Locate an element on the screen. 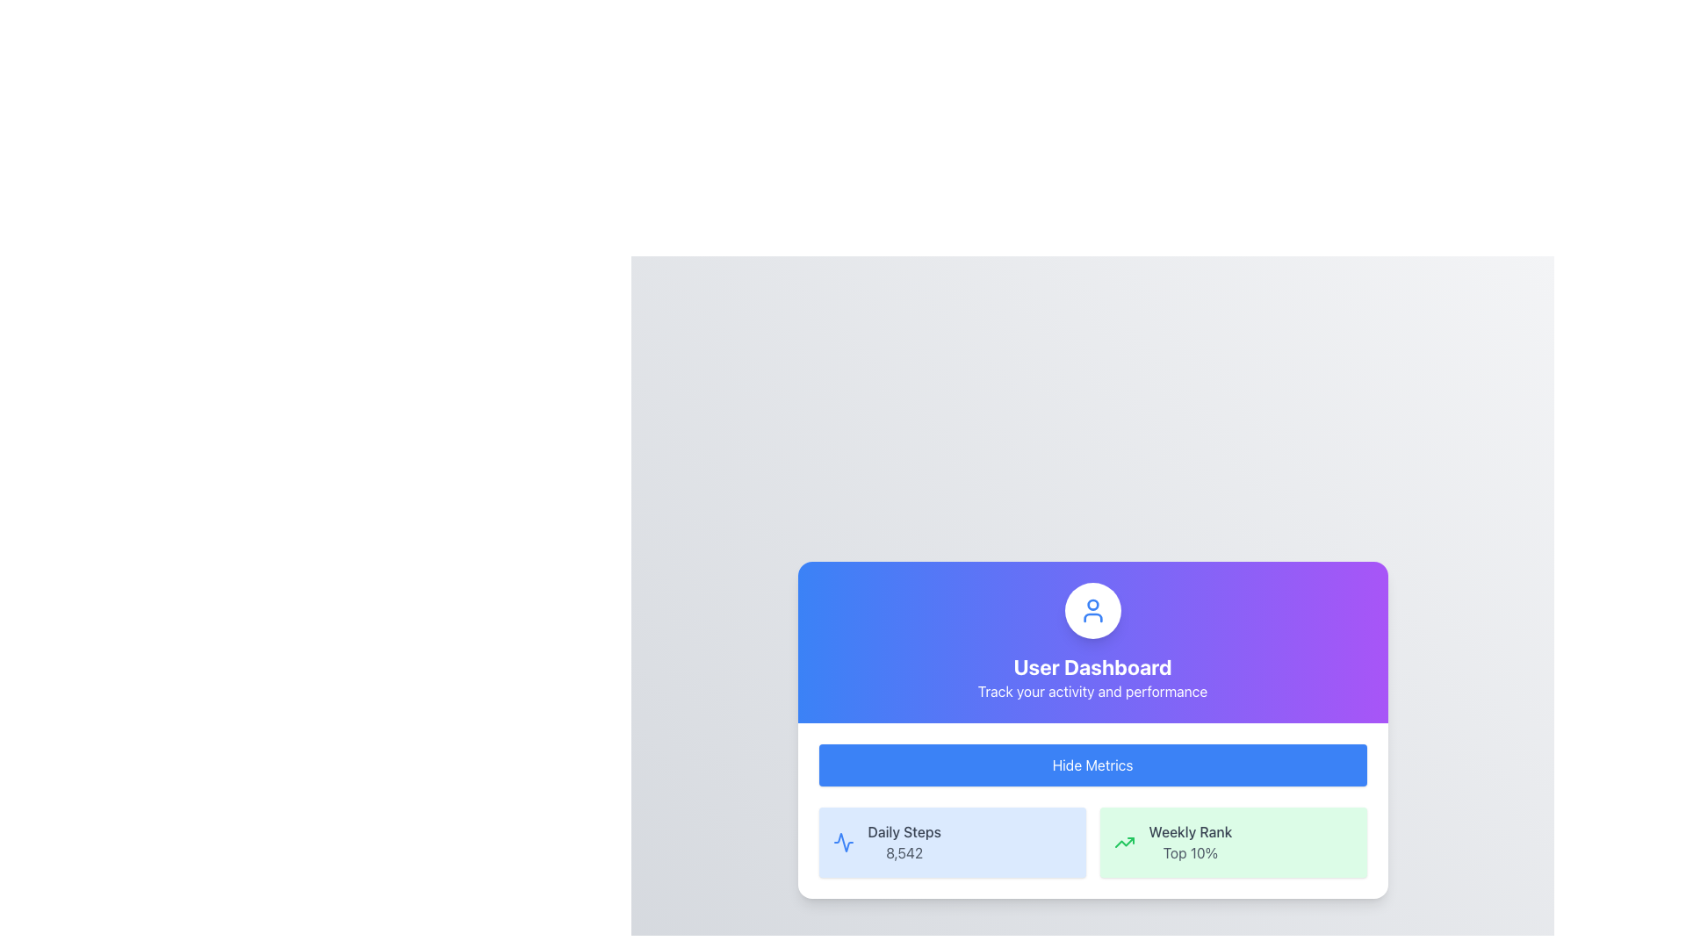  the circular icon with a blue user silhouette located at the top-center of the 'User Dashboard' card is located at coordinates (1092, 609).